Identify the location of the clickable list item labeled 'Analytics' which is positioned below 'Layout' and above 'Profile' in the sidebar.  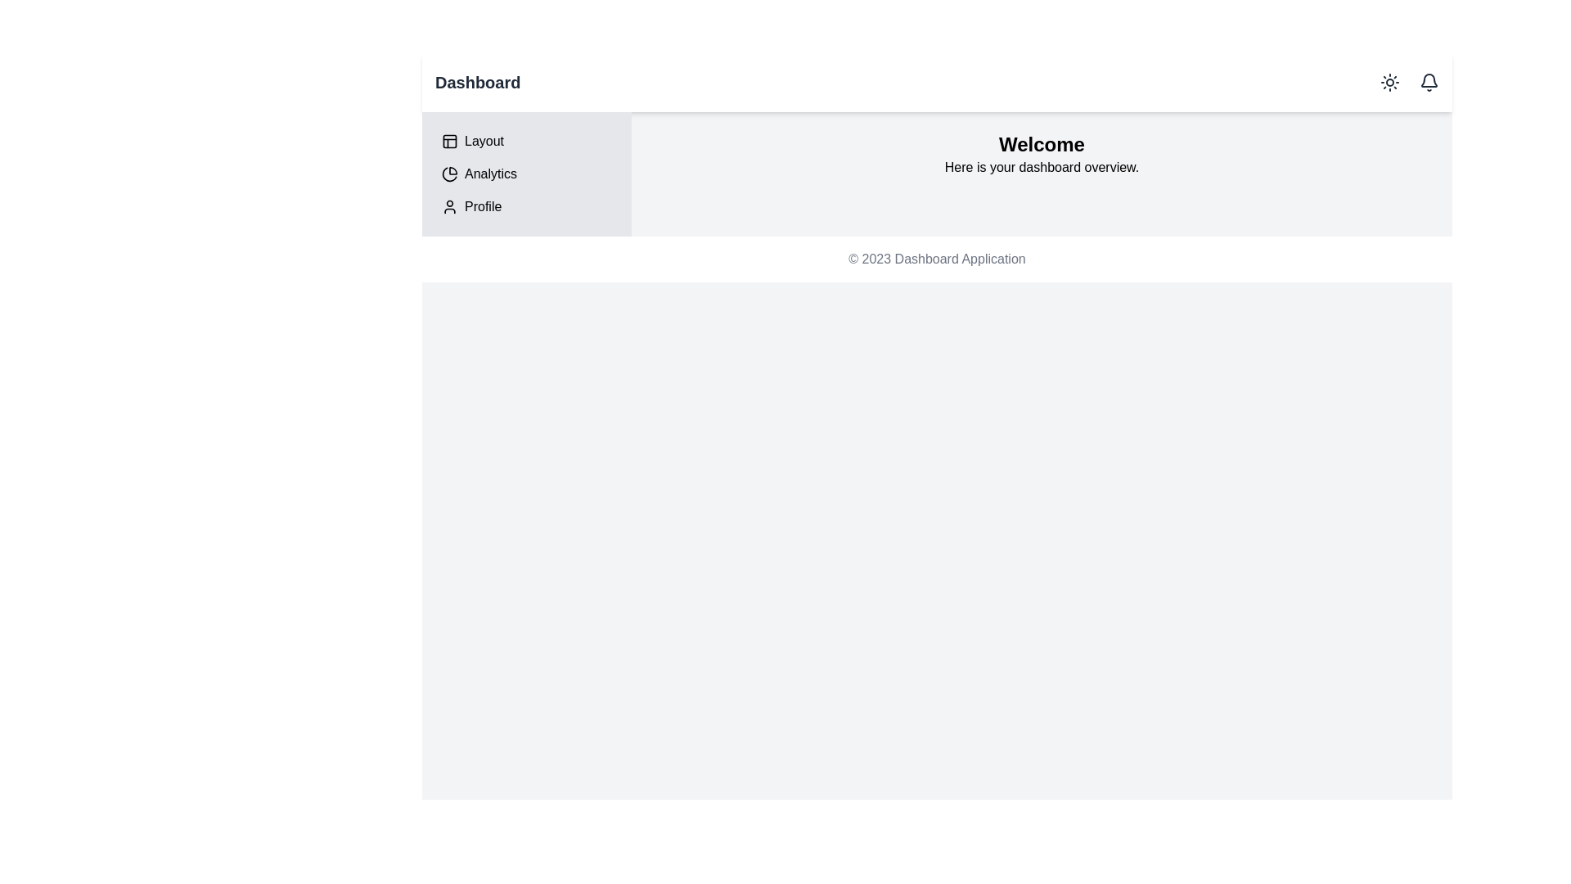
(526, 174).